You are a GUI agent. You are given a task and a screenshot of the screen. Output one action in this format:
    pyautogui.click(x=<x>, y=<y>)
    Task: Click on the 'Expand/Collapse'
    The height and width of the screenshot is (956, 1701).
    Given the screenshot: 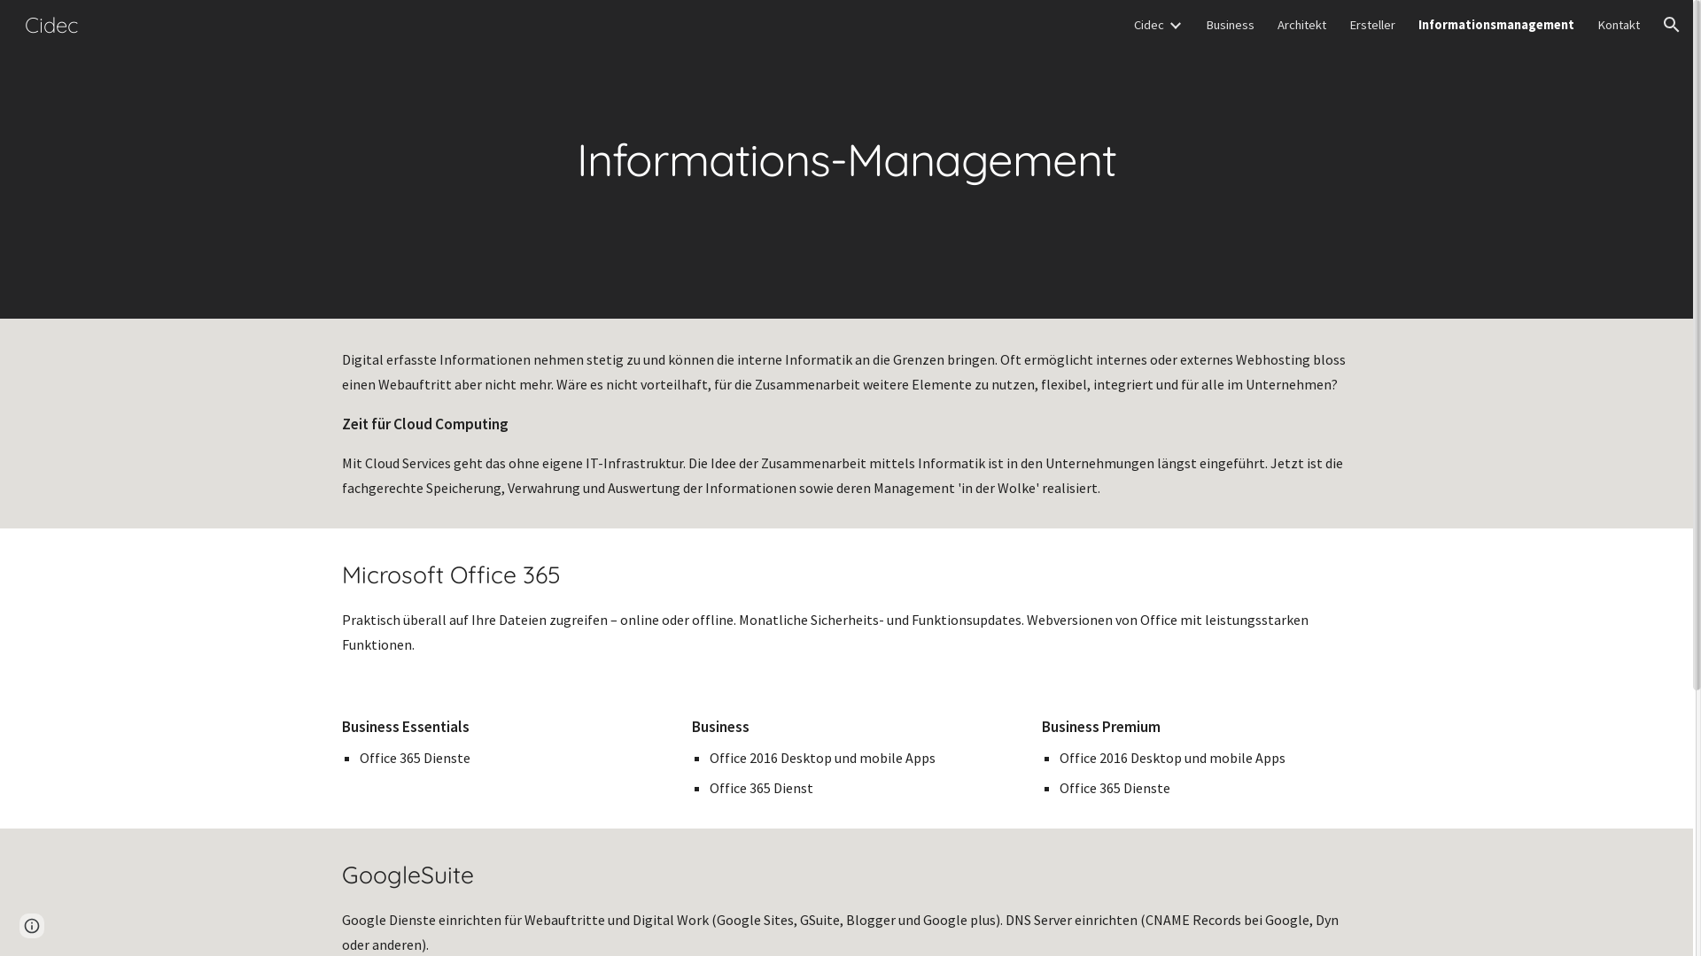 What is the action you would take?
    pyautogui.click(x=1174, y=24)
    